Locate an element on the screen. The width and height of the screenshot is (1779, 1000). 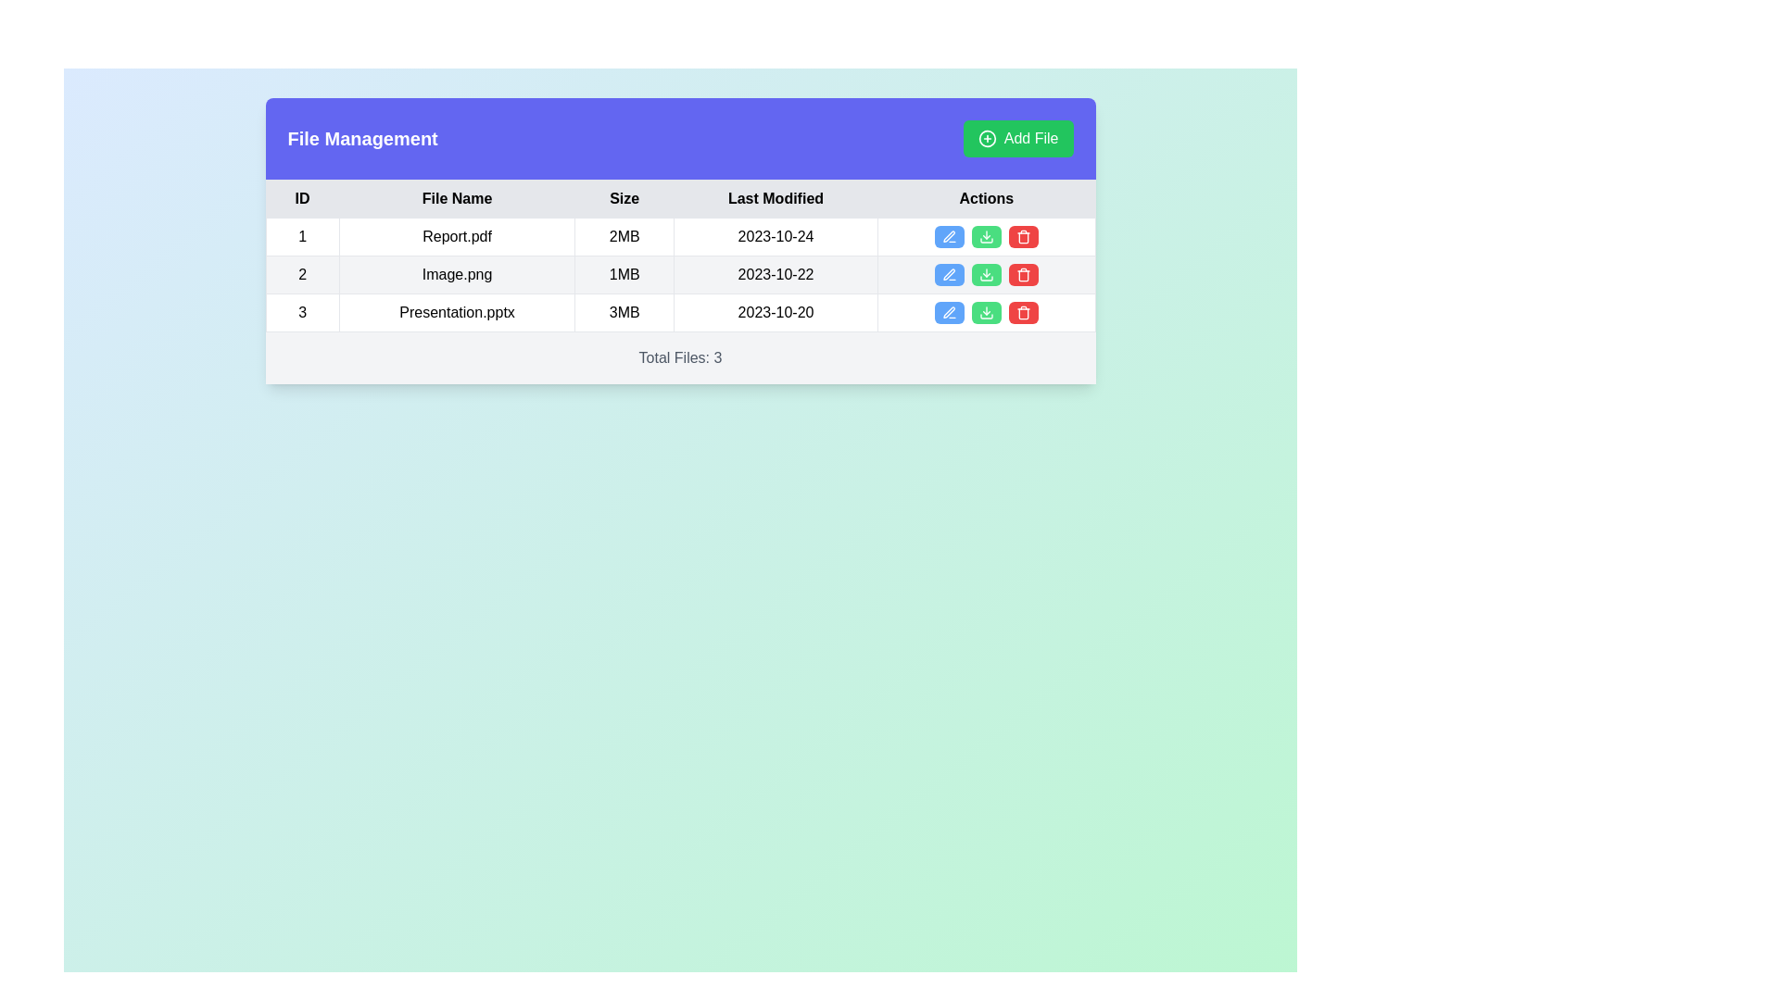
the ID text cell, which is the first entry in the table representing the file ID, located in the upper-left corner of the file management panel is located at coordinates (302, 235).